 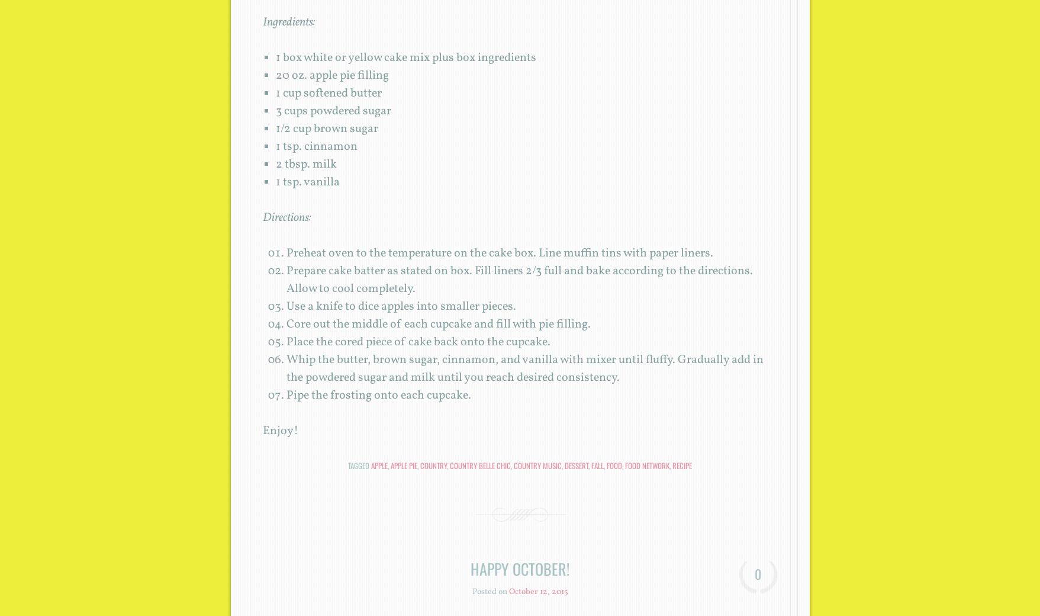 What do you see at coordinates (400, 307) in the screenshot?
I see `'Use a knife to dice apples into smaller pieces.'` at bounding box center [400, 307].